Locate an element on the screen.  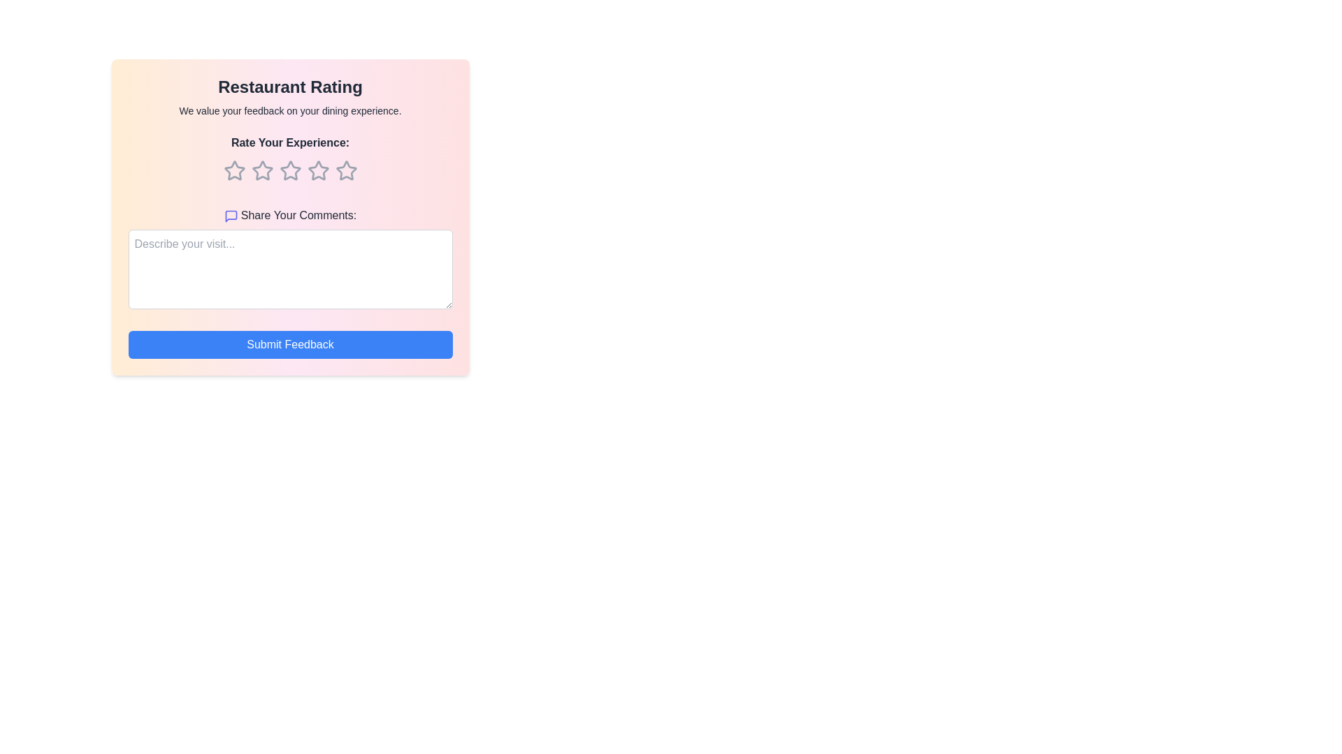
the first star icon in the five-star rating system is located at coordinates (234, 170).